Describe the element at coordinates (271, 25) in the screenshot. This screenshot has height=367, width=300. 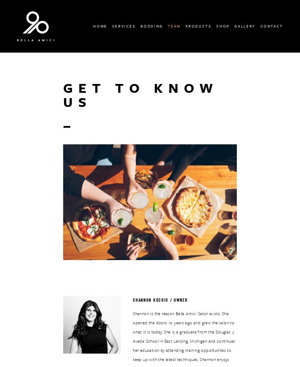
I see `'Contact'` at that location.